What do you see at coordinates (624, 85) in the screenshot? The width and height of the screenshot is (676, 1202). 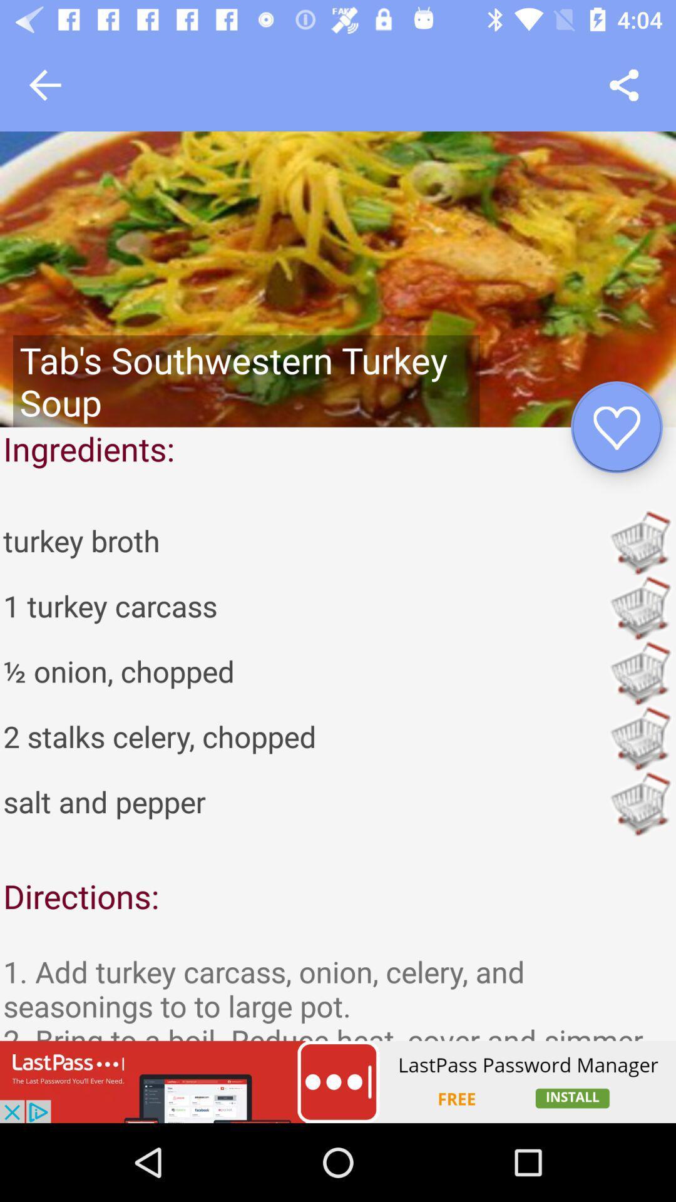 I see `i would love to try their food` at bounding box center [624, 85].